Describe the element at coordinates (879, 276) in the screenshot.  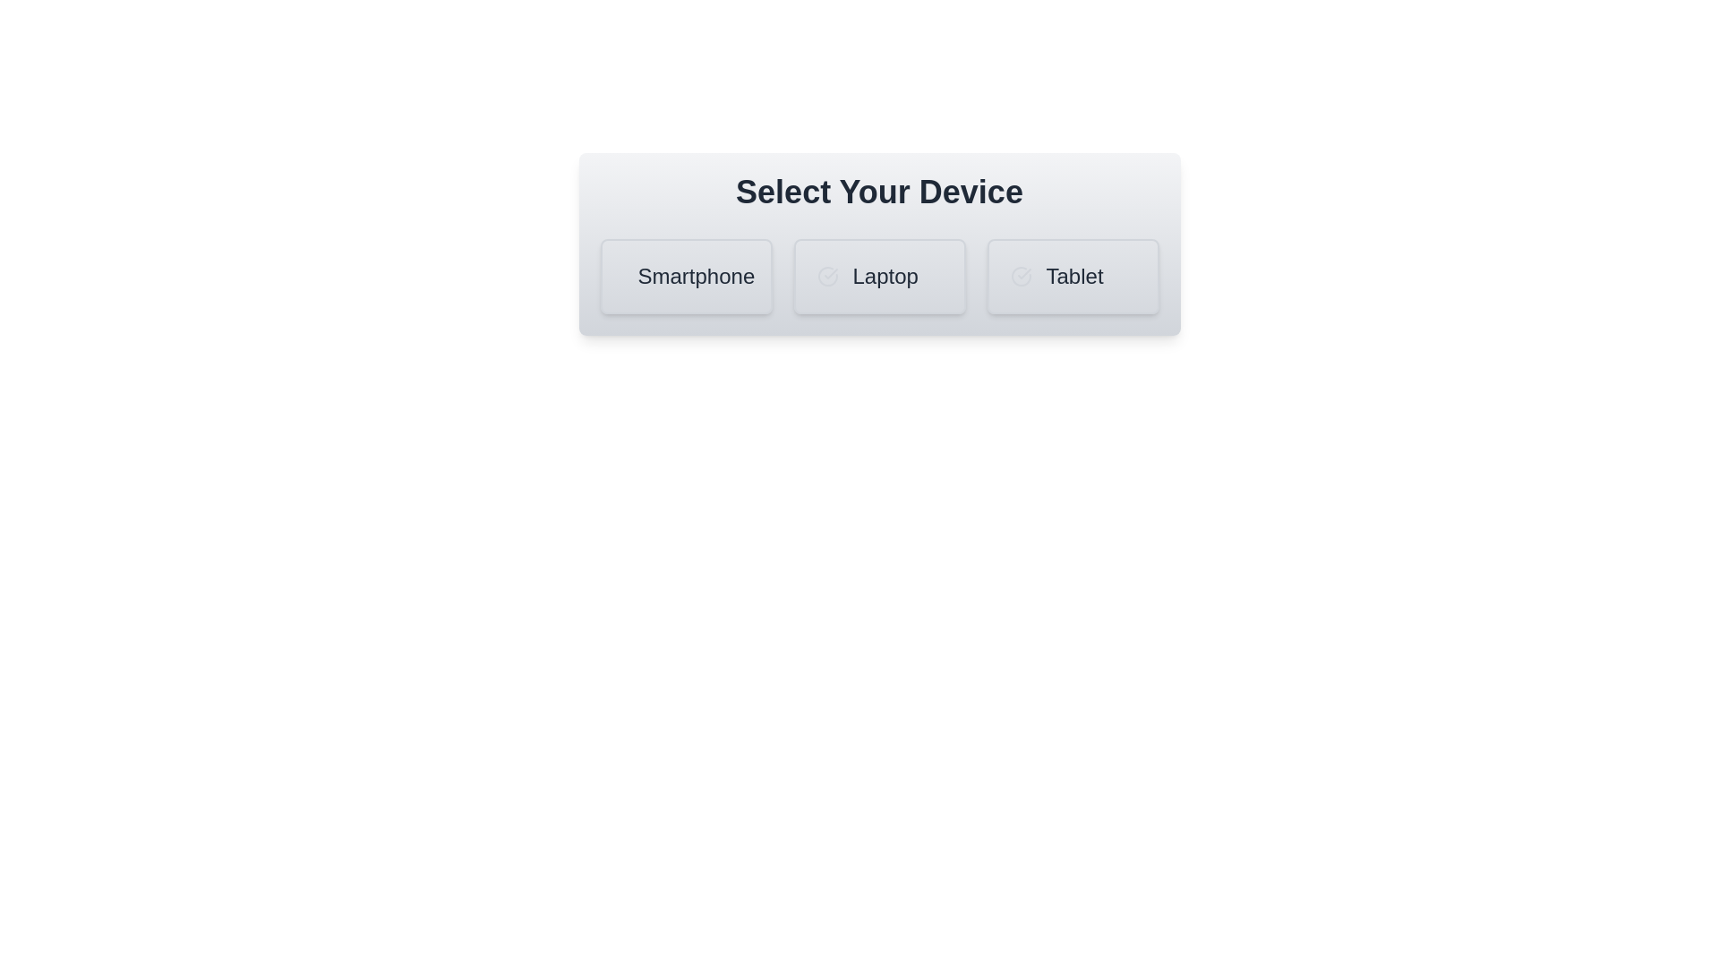
I see `the 'Laptop' radio button to observe the hover effect, which is a rectangular button with rounded corners, featuring the text 'Laptop' in bold font and a circle-check icon on the left` at that location.